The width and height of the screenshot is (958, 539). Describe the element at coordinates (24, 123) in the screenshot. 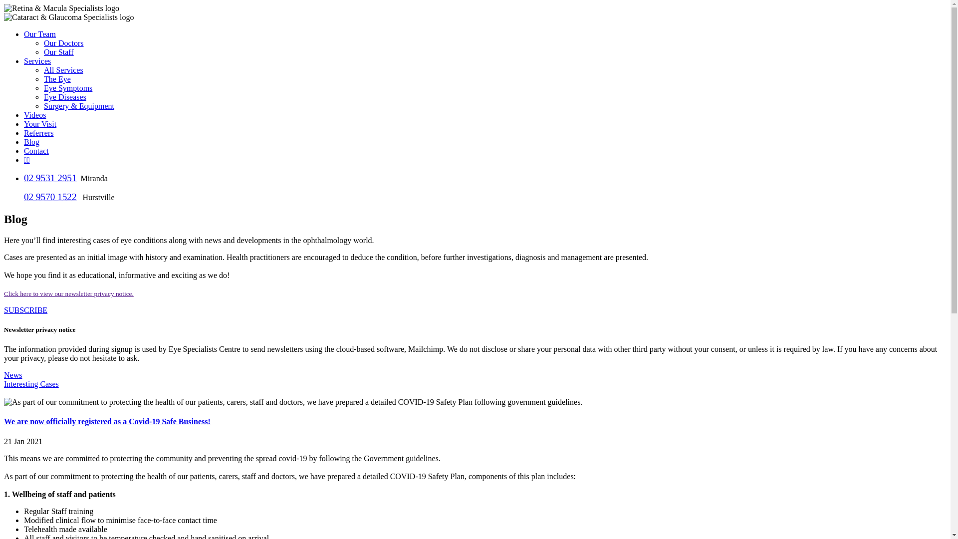

I see `'Your Visit'` at that location.